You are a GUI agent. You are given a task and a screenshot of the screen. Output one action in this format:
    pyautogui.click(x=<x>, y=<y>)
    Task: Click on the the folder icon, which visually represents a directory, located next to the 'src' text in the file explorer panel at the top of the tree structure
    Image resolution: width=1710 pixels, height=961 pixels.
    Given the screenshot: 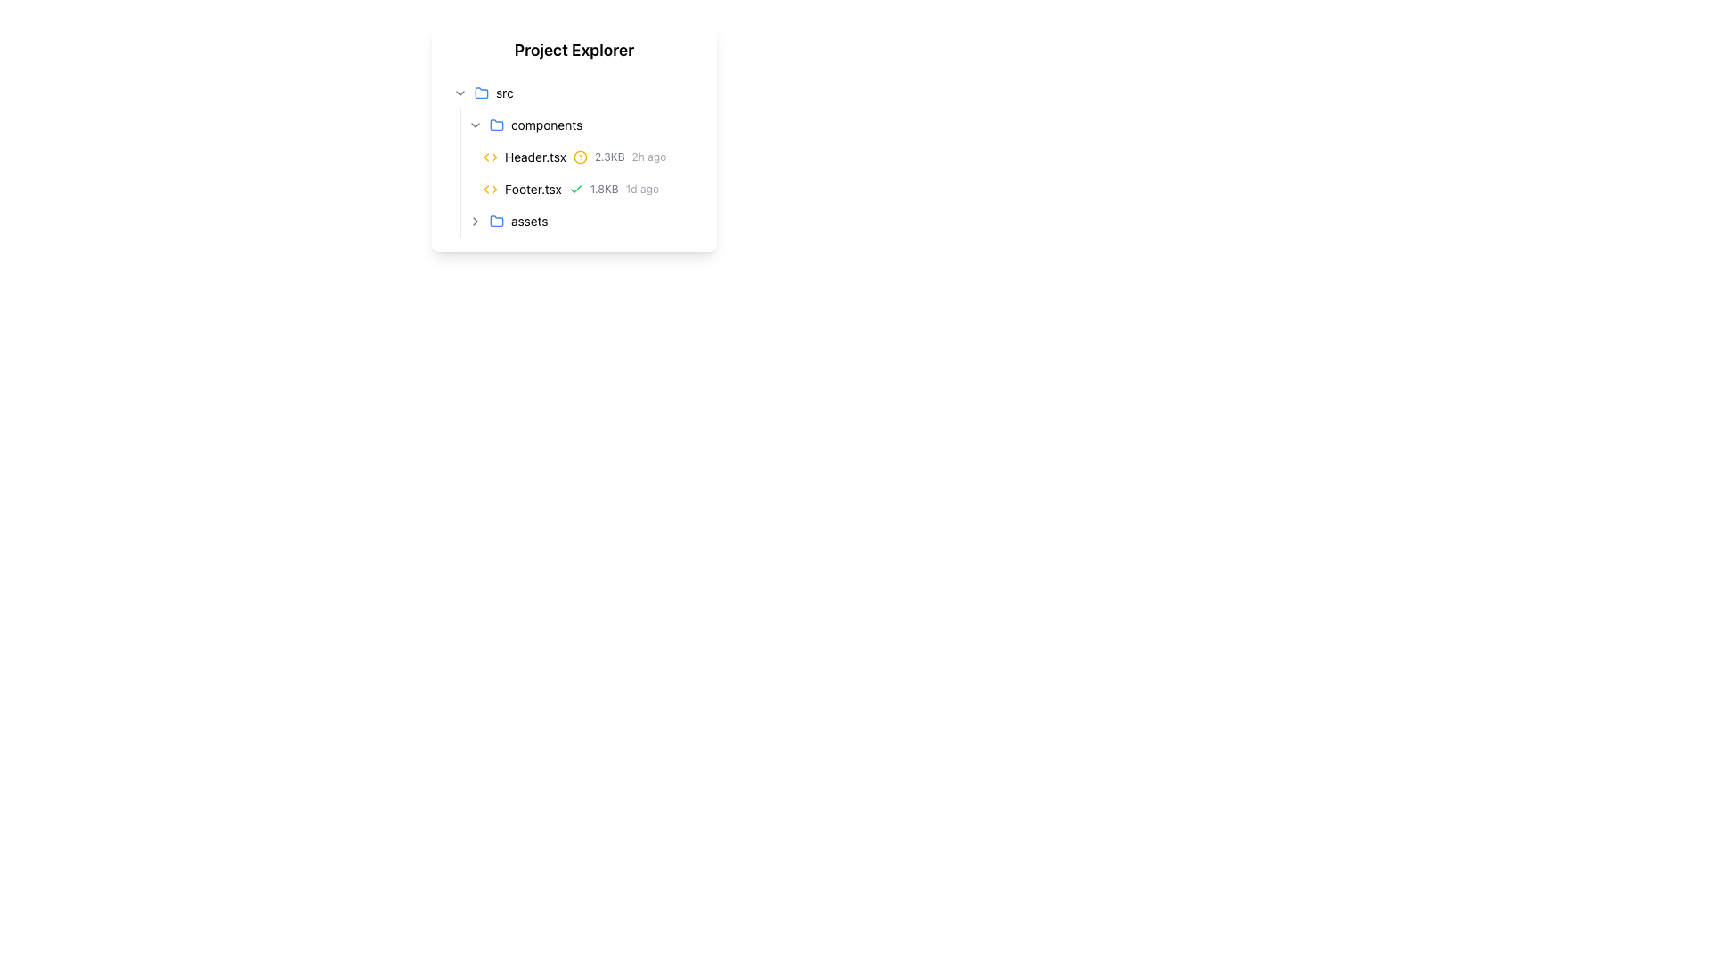 What is the action you would take?
    pyautogui.click(x=482, y=93)
    